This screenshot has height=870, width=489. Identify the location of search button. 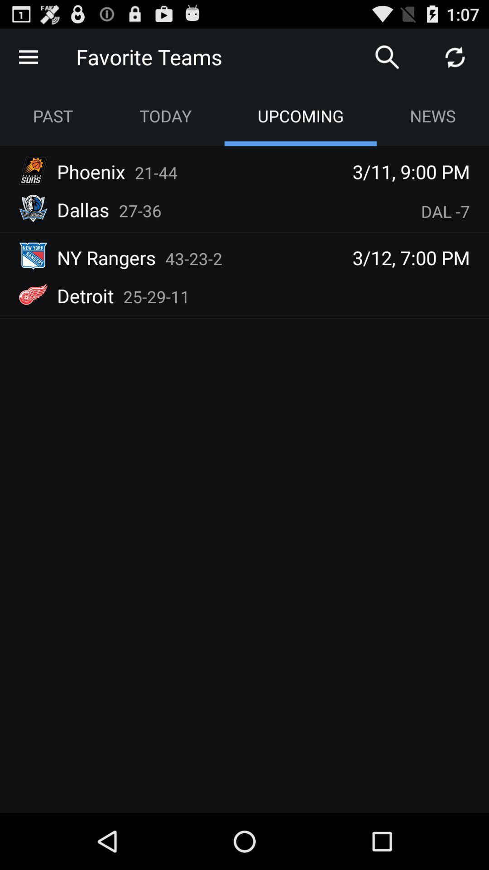
(387, 56).